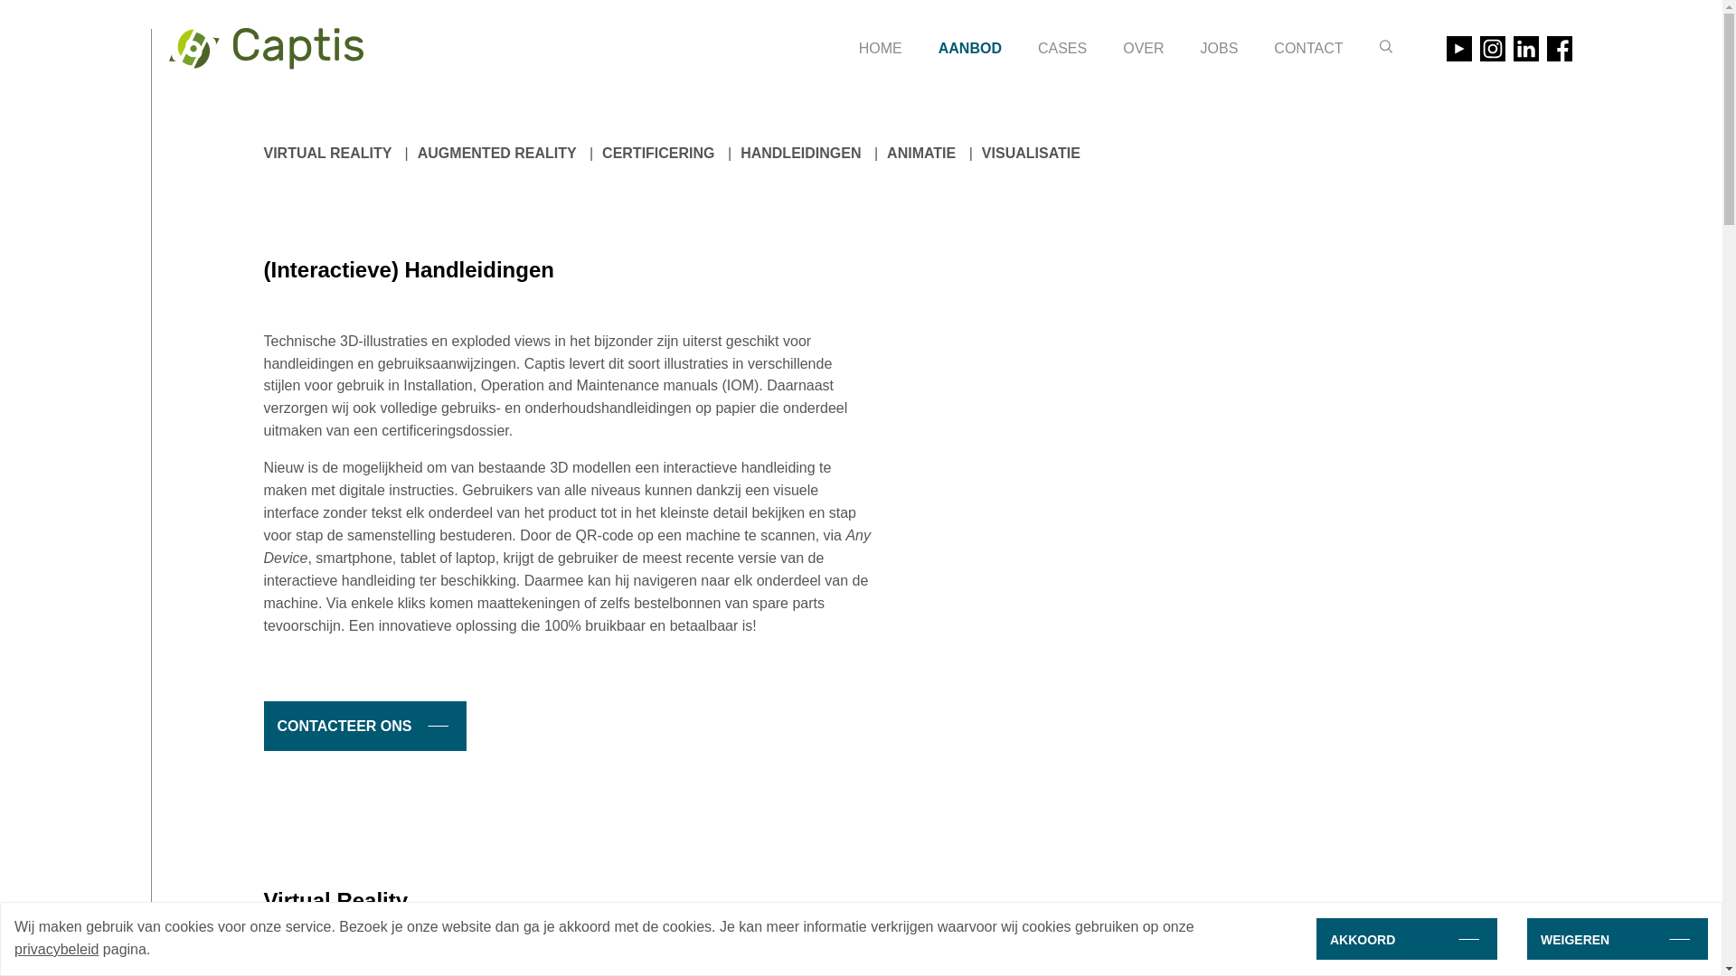 This screenshot has height=976, width=1736. I want to click on 'CONTACT', so click(1307, 48).